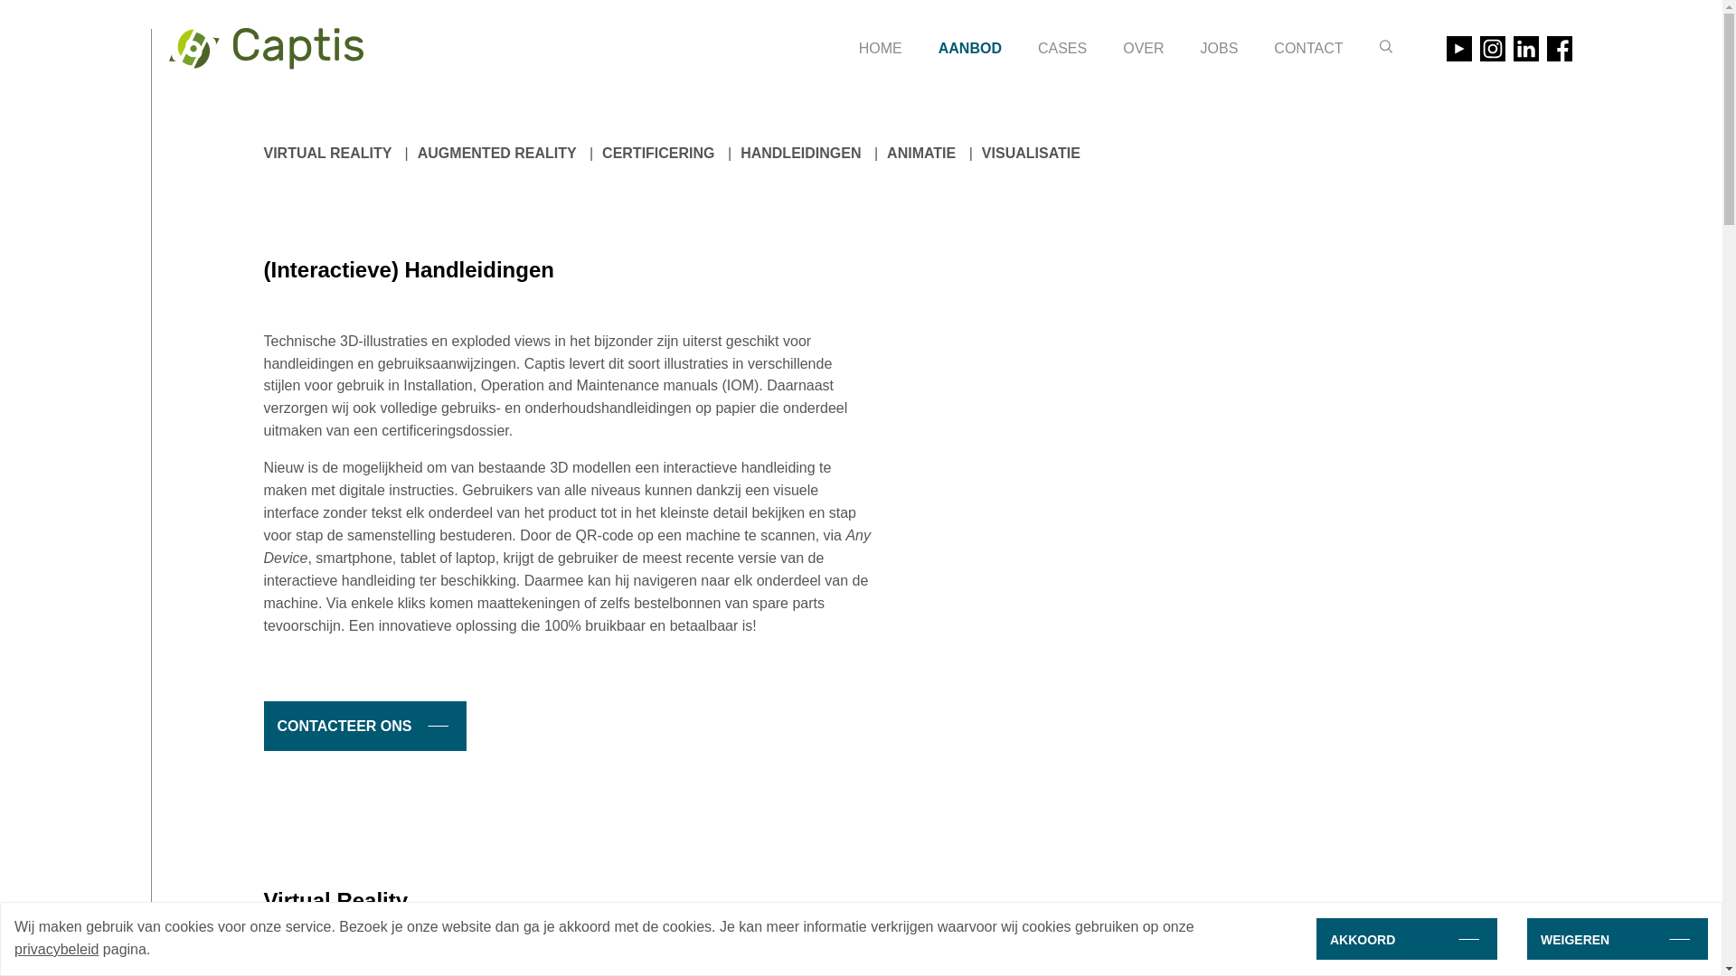 This screenshot has height=976, width=1736. I want to click on 'CONTACT', so click(1307, 48).